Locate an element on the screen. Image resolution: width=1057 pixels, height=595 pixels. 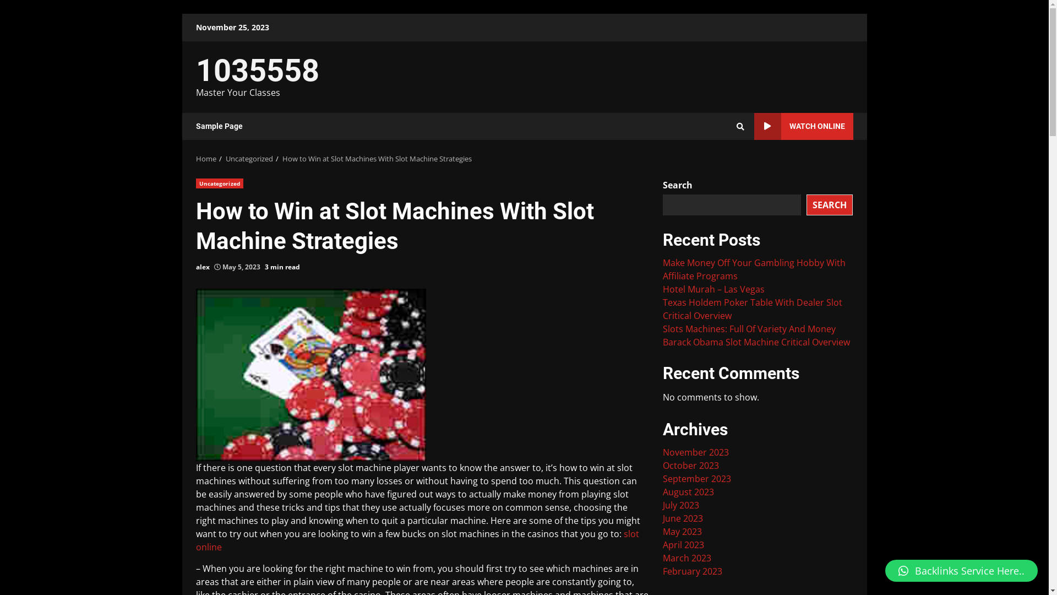
'Texas Holdem Poker Table With Dealer Slot Critical Overview' is located at coordinates (752, 309).